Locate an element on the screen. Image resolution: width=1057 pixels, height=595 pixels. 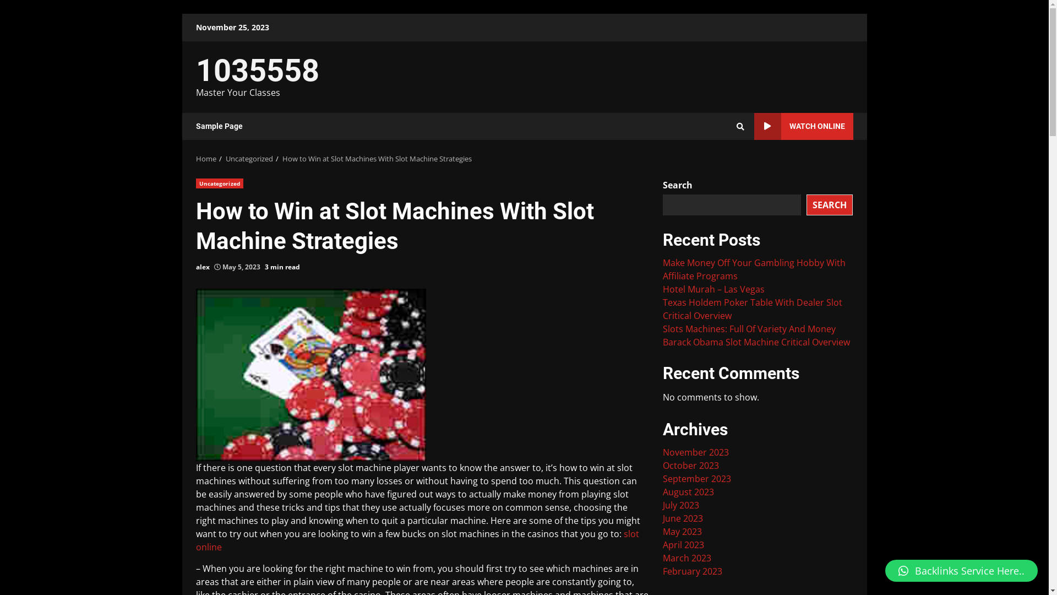
'Texas Holdem Poker Table With Dealer Slot Critical Overview' is located at coordinates (752, 309).